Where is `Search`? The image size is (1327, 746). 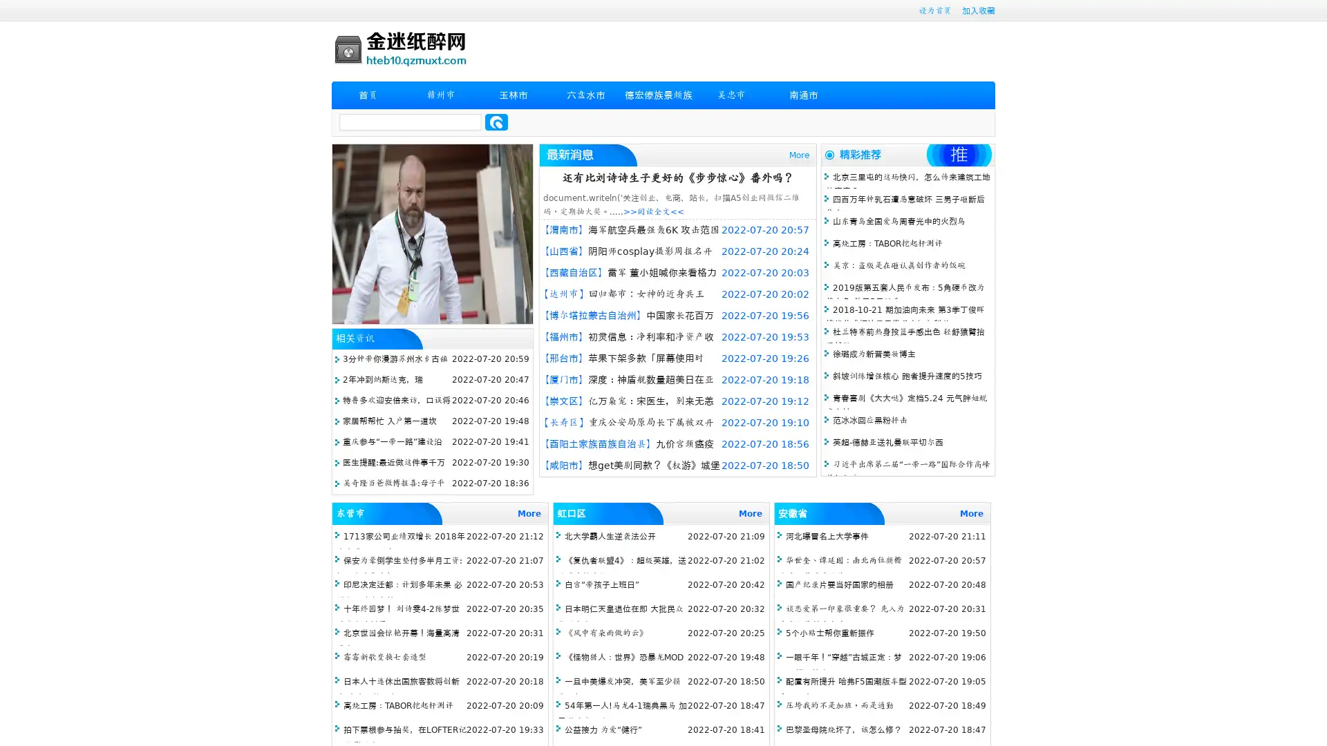
Search is located at coordinates (496, 122).